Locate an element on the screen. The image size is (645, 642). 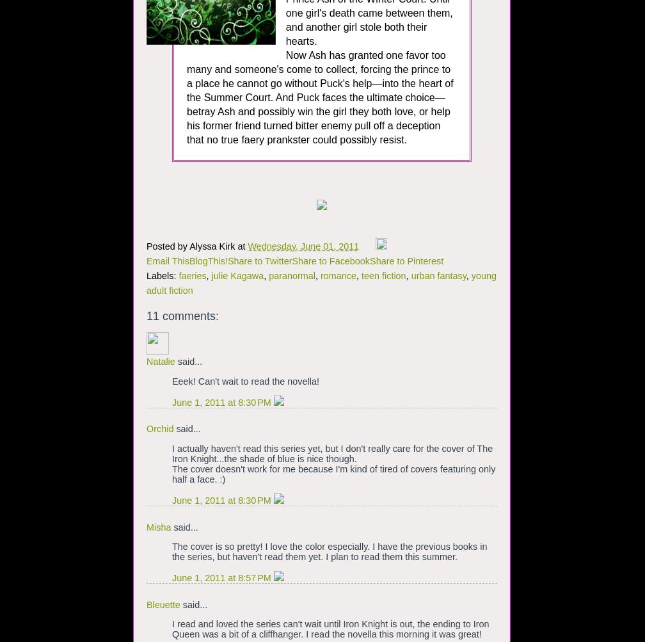
'June 1, 2011 at 8:57 PM' is located at coordinates (222, 578).